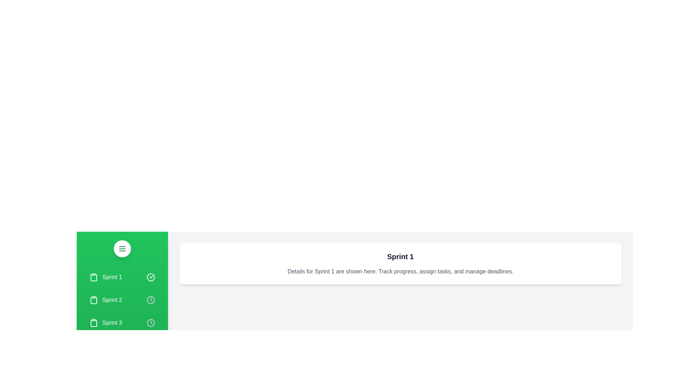  What do you see at coordinates (150, 300) in the screenshot?
I see `the icon associated with Sprint 2 to interact with it` at bounding box center [150, 300].